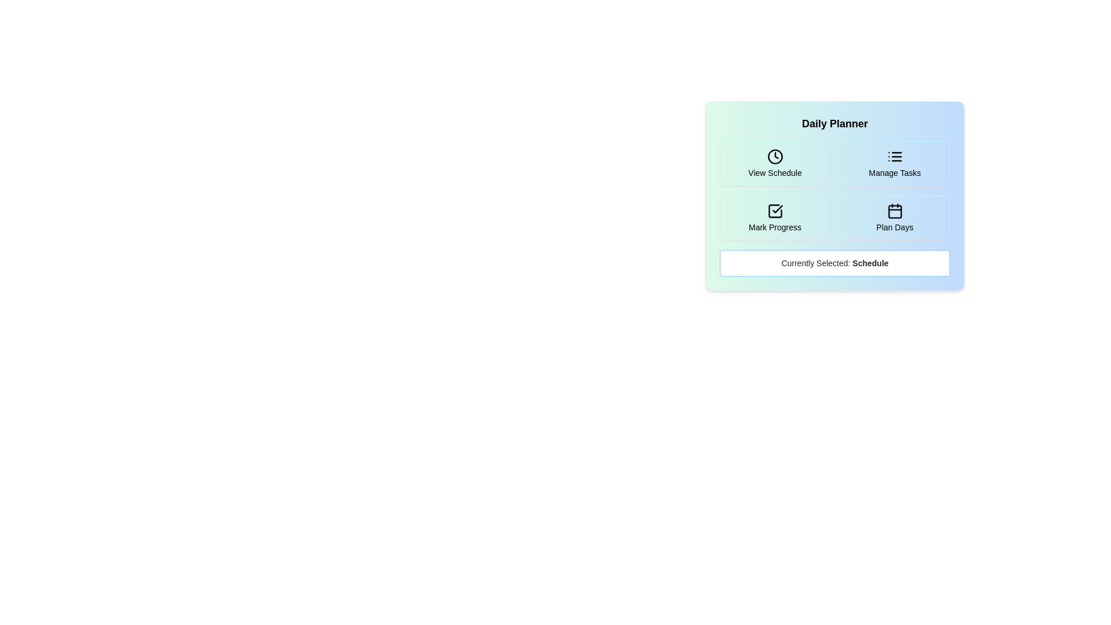 Image resolution: width=1111 pixels, height=625 pixels. Describe the element at coordinates (775, 163) in the screenshot. I see `the button corresponding to the activity View Schedule` at that location.